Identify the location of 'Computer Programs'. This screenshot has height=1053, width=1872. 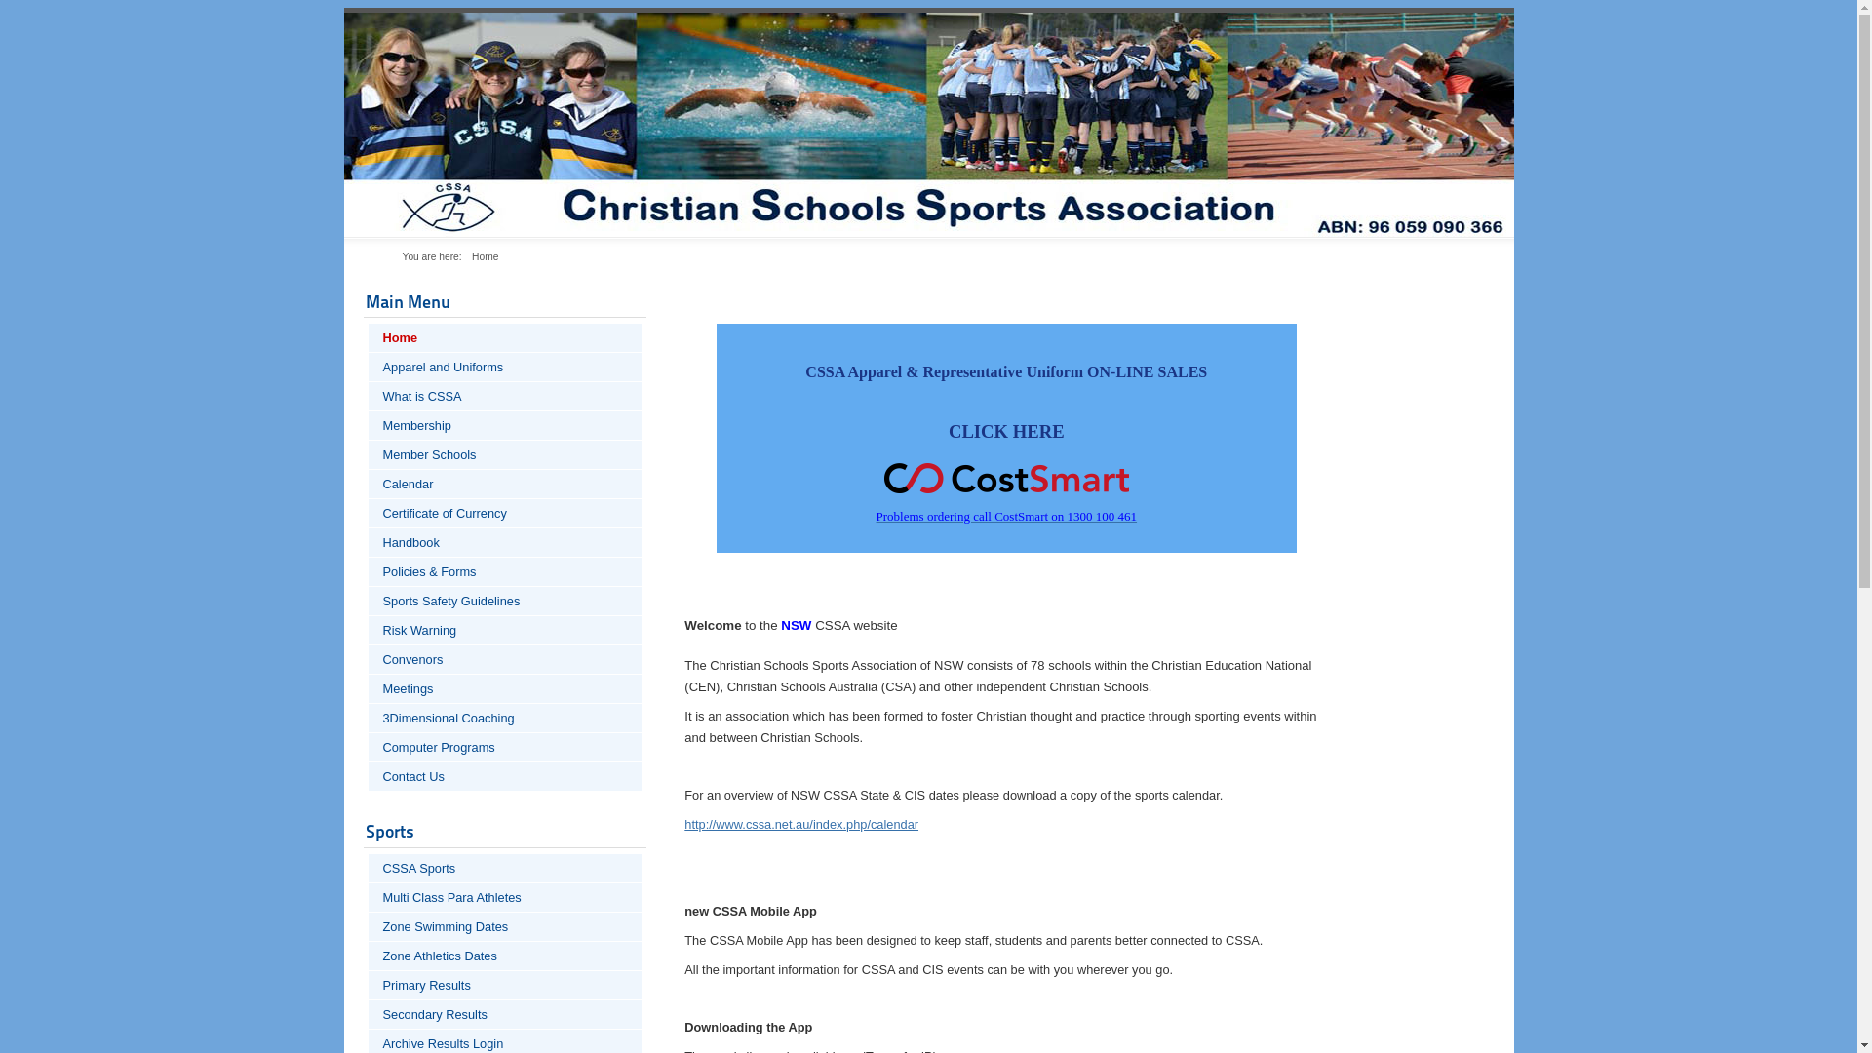
(505, 746).